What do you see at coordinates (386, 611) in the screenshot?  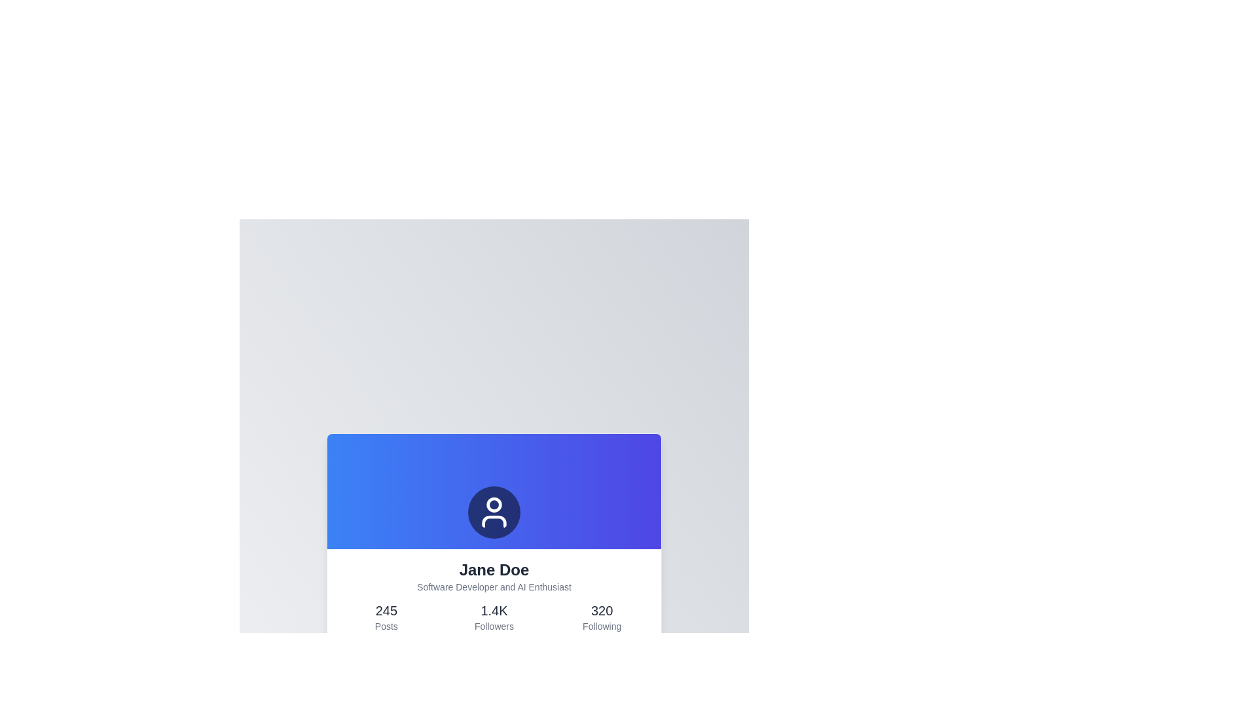 I see `the text label displaying the numerical count of posts associated with the user, which shows '245 Posts' in the statistics section below the user's profile` at bounding box center [386, 611].